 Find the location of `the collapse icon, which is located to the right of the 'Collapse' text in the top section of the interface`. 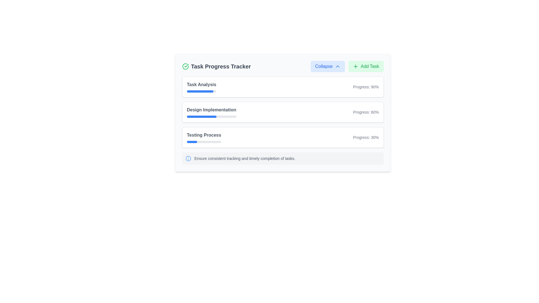

the collapse icon, which is located to the right of the 'Collapse' text in the top section of the interface is located at coordinates (337, 66).